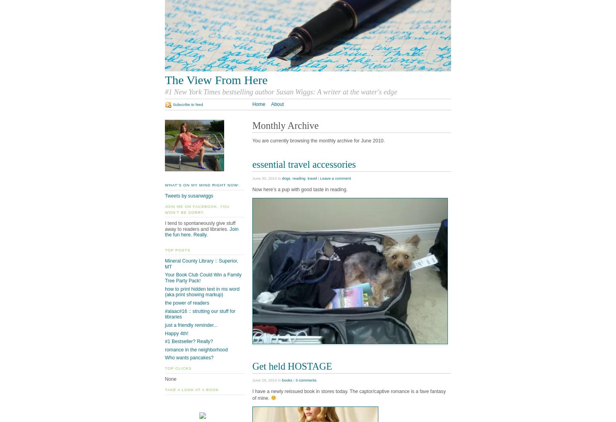  What do you see at coordinates (170, 379) in the screenshot?
I see `'None'` at bounding box center [170, 379].